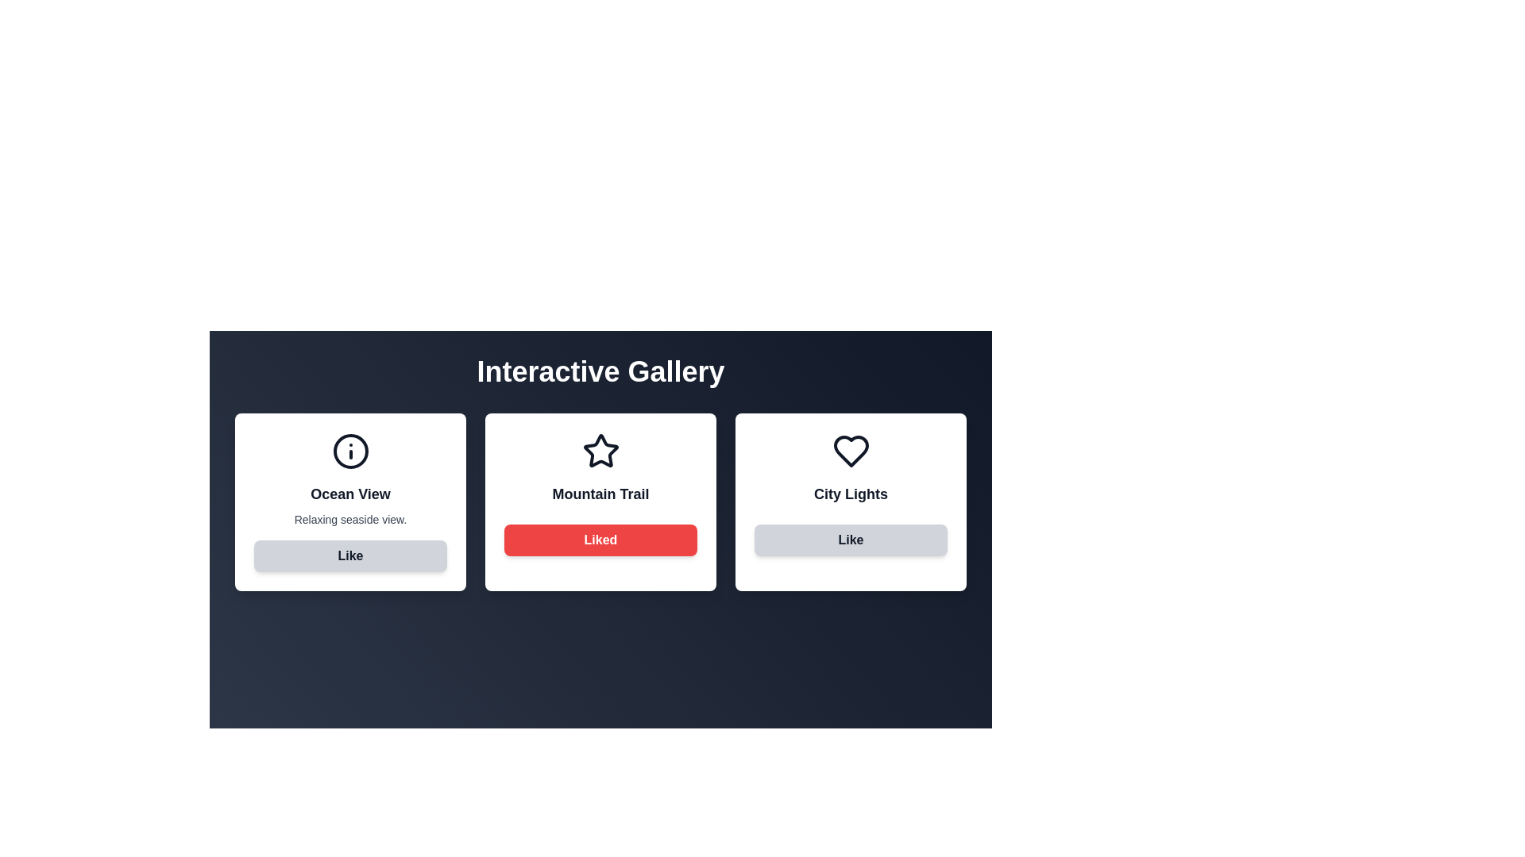  Describe the element at coordinates (850, 452) in the screenshot. I see `the heart icon located in the upper portion of the 'City Lights' card, which symbolizes a 'favorite' or 'like' function` at that location.